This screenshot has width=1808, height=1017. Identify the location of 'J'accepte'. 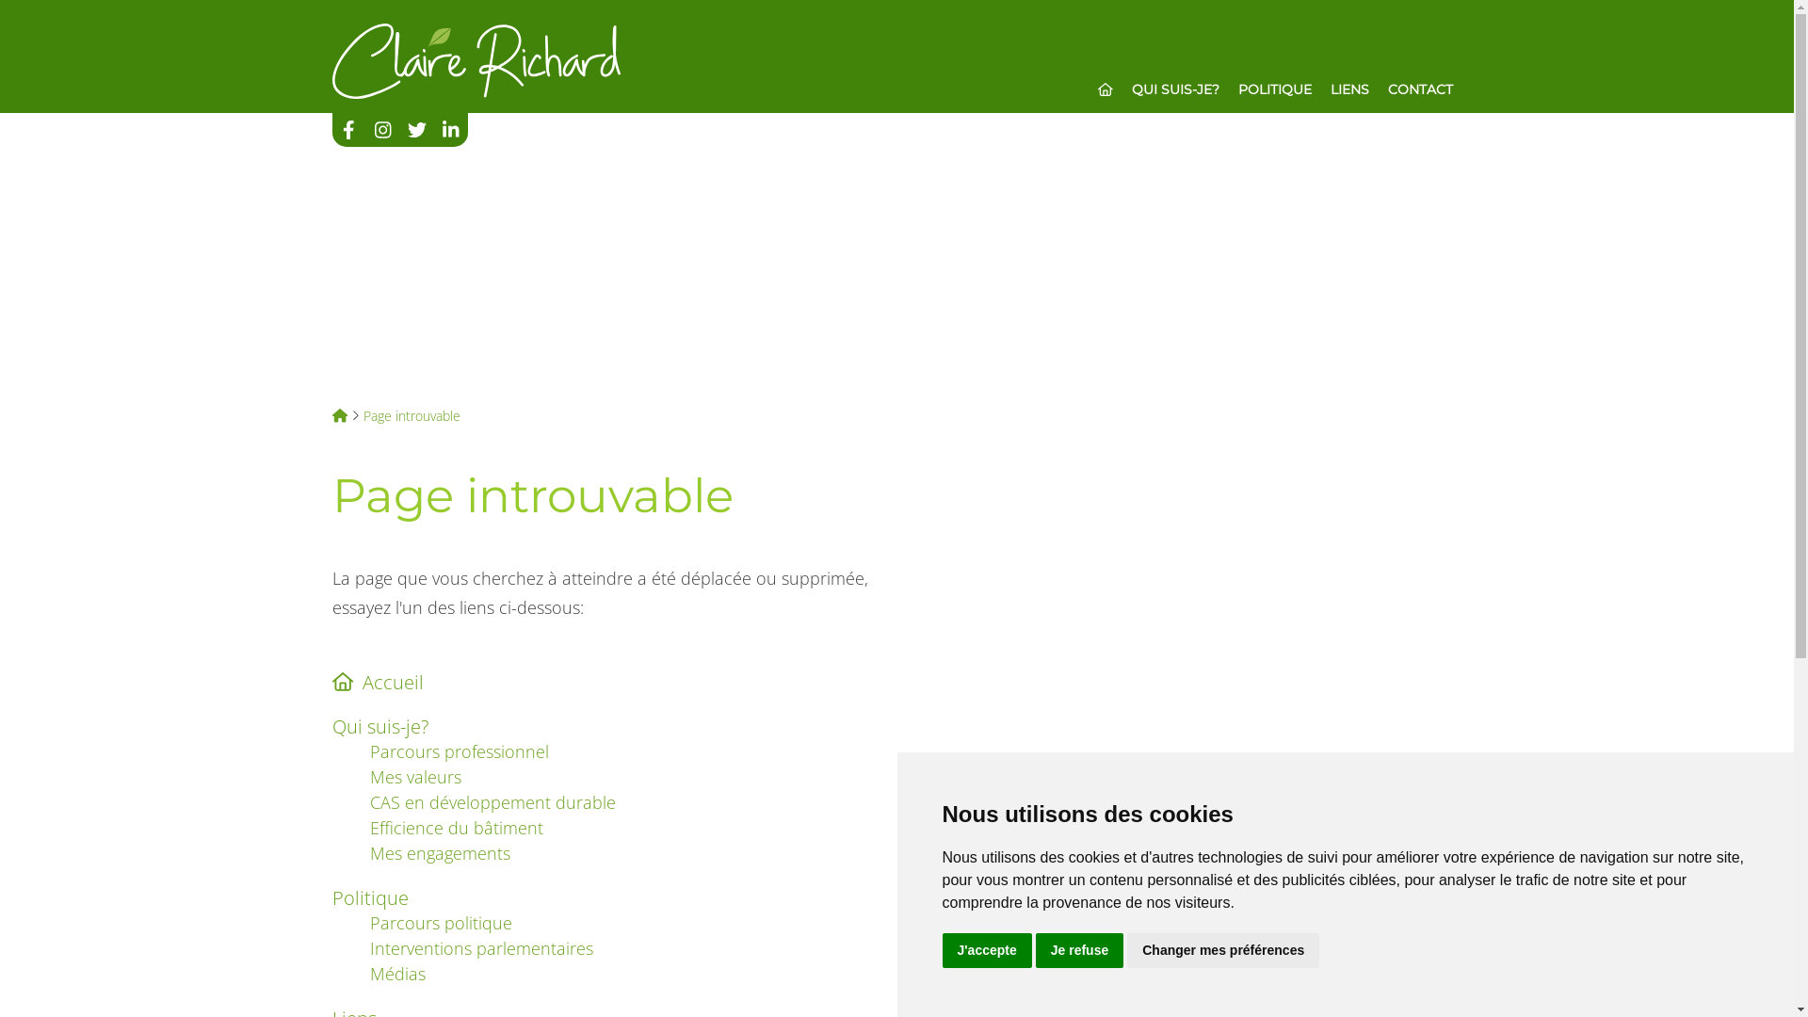
(985, 950).